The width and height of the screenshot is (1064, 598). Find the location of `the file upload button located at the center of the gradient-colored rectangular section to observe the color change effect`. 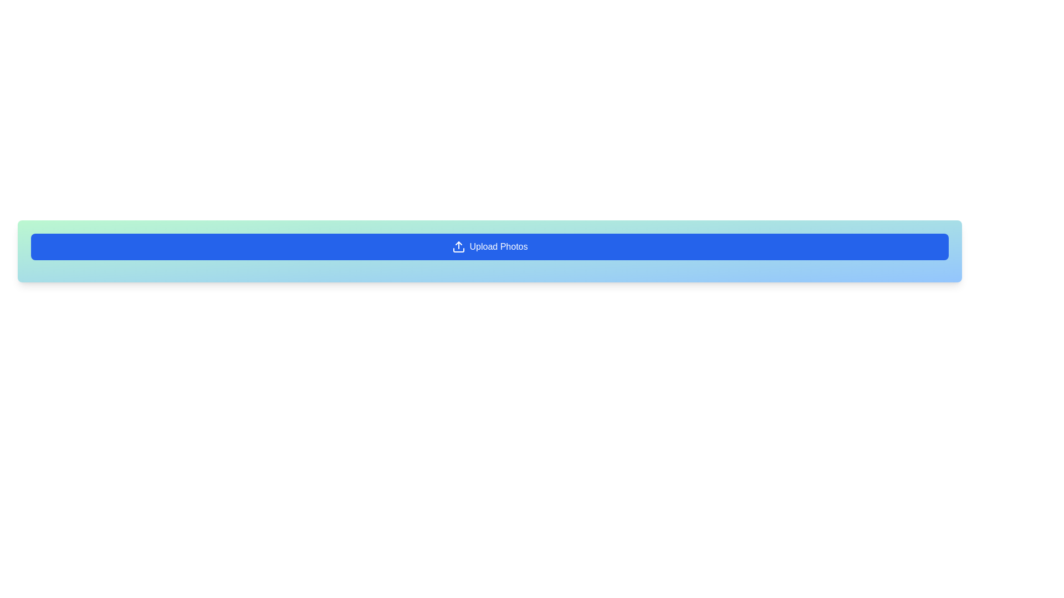

the file upload button located at the center of the gradient-colored rectangular section to observe the color change effect is located at coordinates (489, 246).